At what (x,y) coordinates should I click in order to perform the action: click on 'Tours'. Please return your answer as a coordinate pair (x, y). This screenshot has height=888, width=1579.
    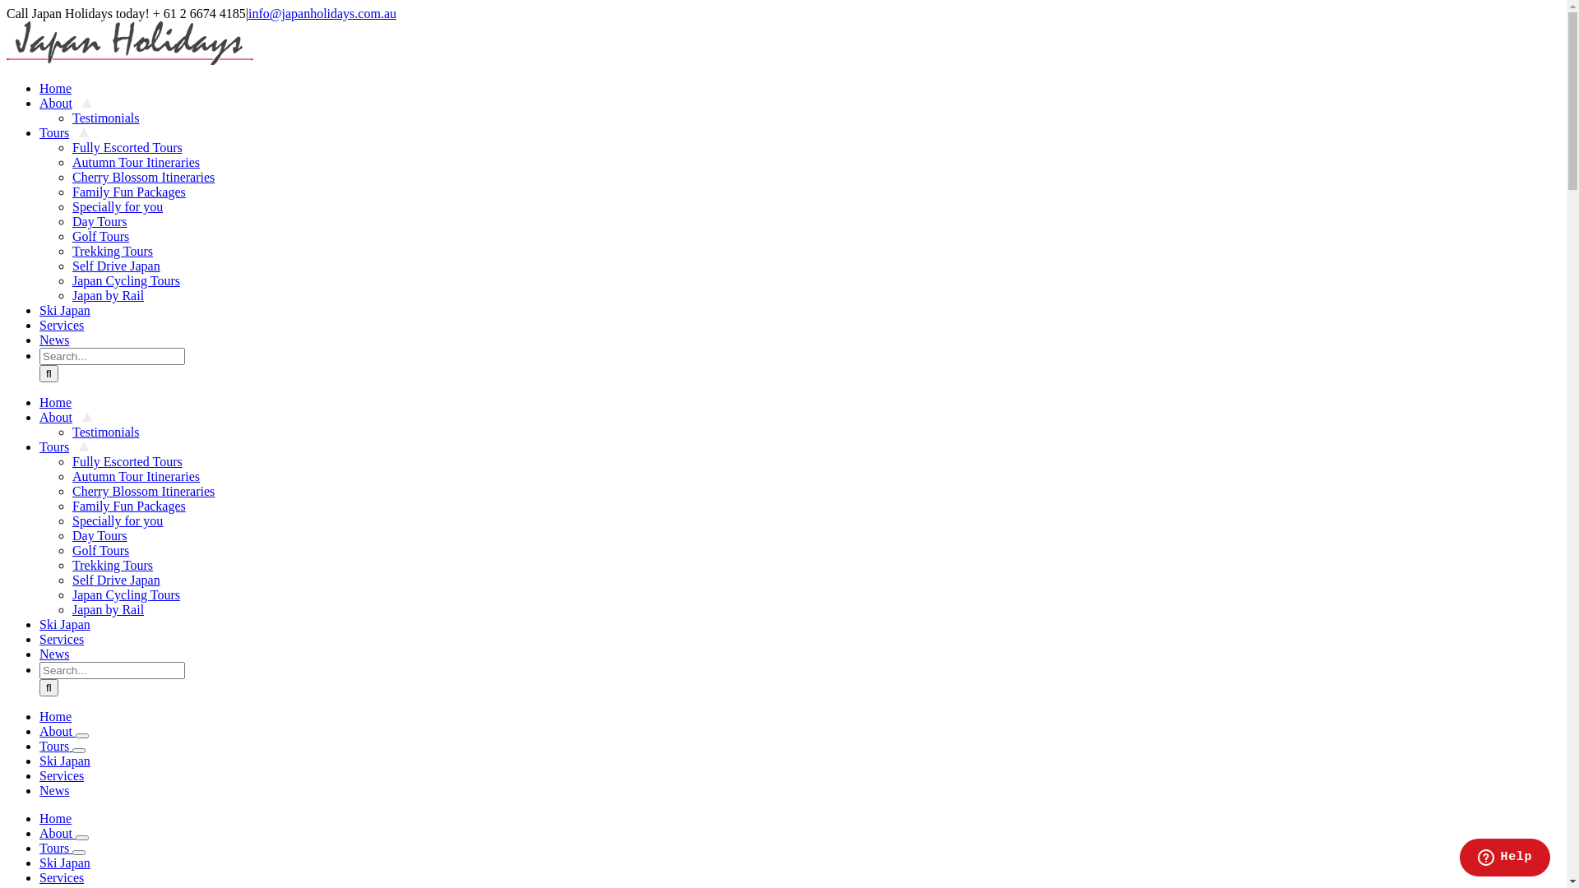
    Looking at the image, I should click on (63, 446).